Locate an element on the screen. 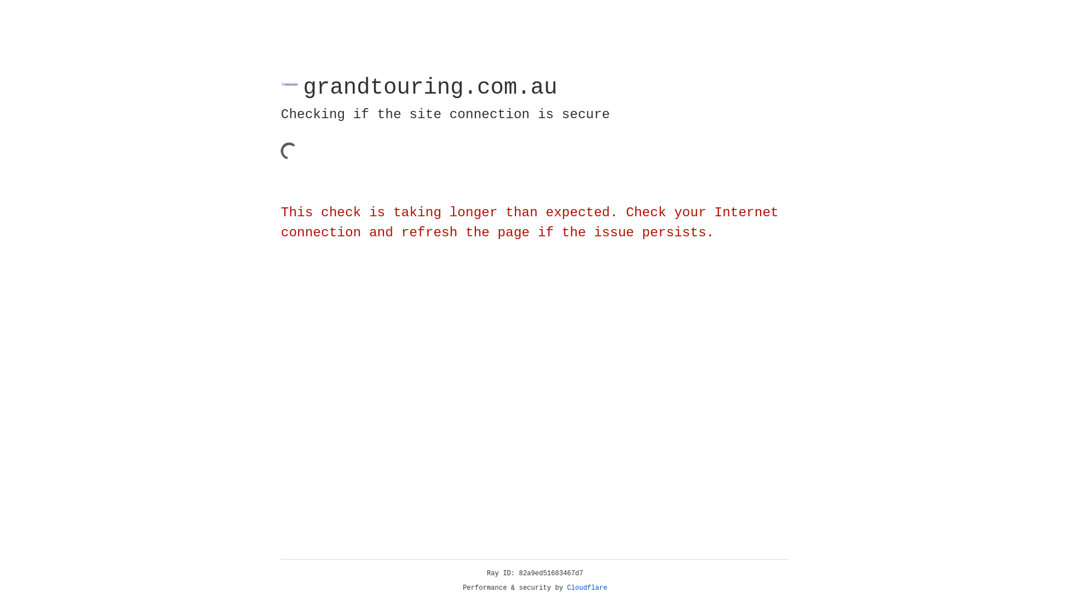 This screenshot has width=1070, height=602. 'Cloudflare' is located at coordinates (567, 588).